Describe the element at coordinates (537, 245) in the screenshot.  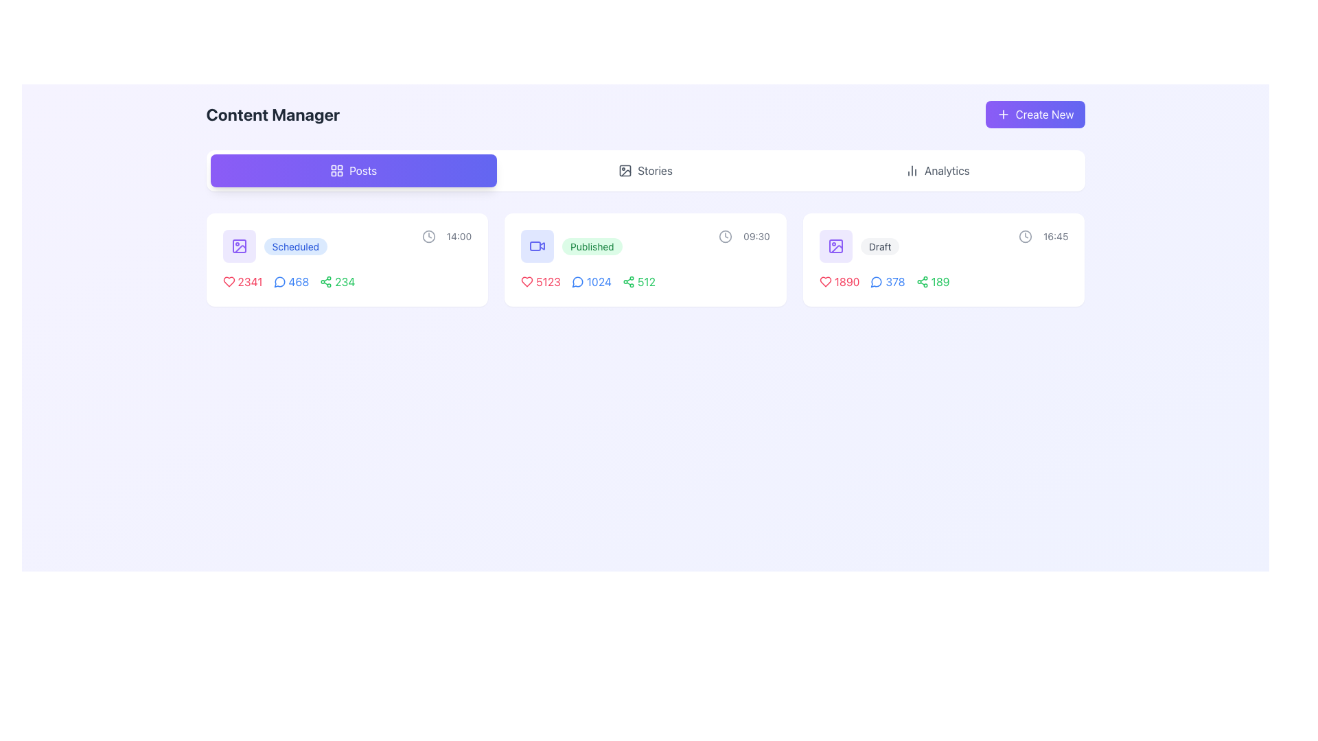
I see `the Icon button with a video camera icon, which has a light indigo background and is located` at that location.